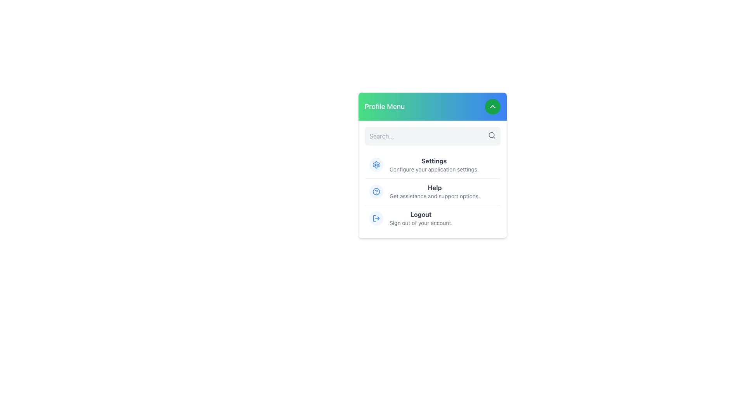 This screenshot has height=419, width=745. What do you see at coordinates (435, 187) in the screenshot?
I see `the 'Help' text label in bold gray font, which is the second item in the dropdown menu under 'Profile Menu'` at bounding box center [435, 187].